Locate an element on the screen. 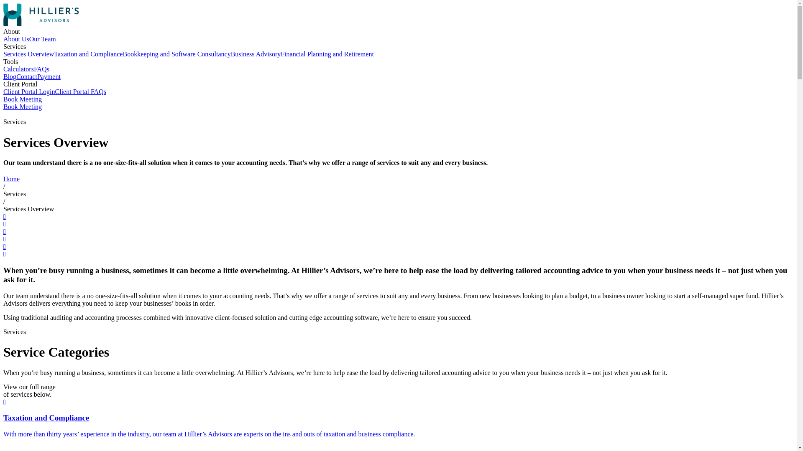 The width and height of the screenshot is (803, 451). 'Payment' is located at coordinates (37, 76).